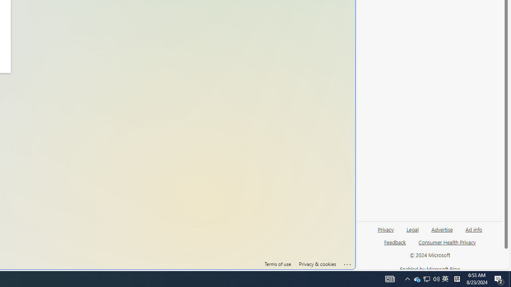  What do you see at coordinates (348, 263) in the screenshot?
I see `'Click here for troubleshooting information'` at bounding box center [348, 263].